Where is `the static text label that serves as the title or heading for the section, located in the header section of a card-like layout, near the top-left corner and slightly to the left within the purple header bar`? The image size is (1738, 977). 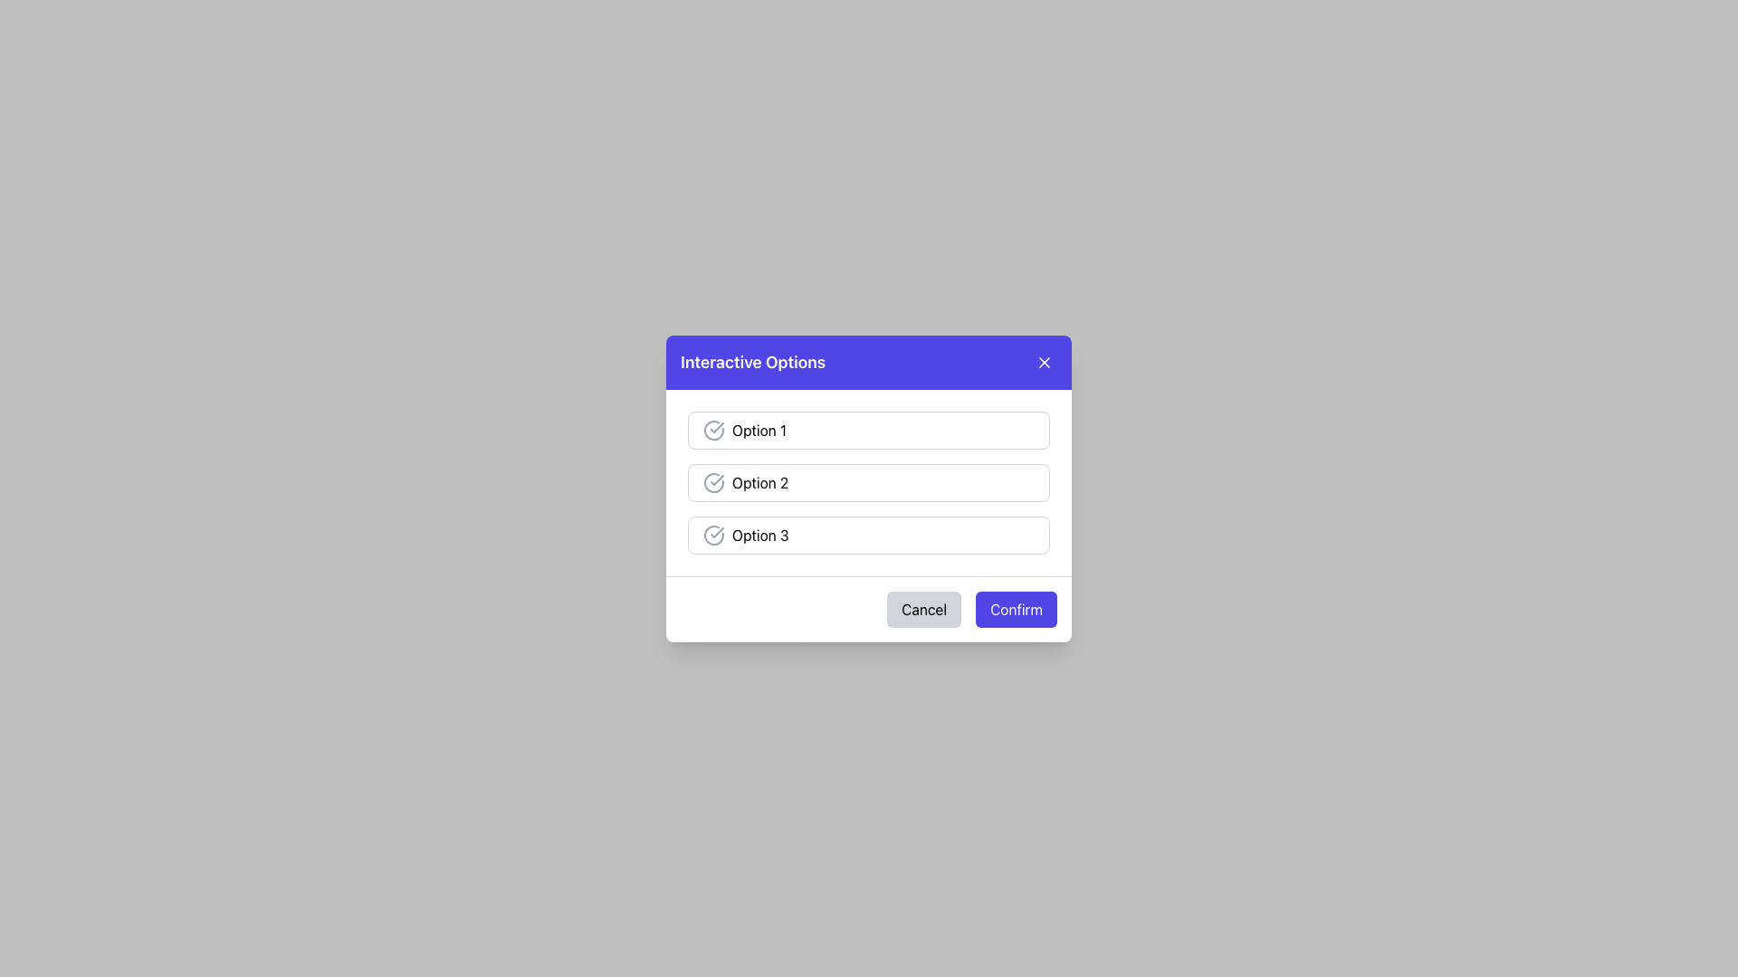 the static text label that serves as the title or heading for the section, located in the header section of a card-like layout, near the top-left corner and slightly to the left within the purple header bar is located at coordinates (753, 362).